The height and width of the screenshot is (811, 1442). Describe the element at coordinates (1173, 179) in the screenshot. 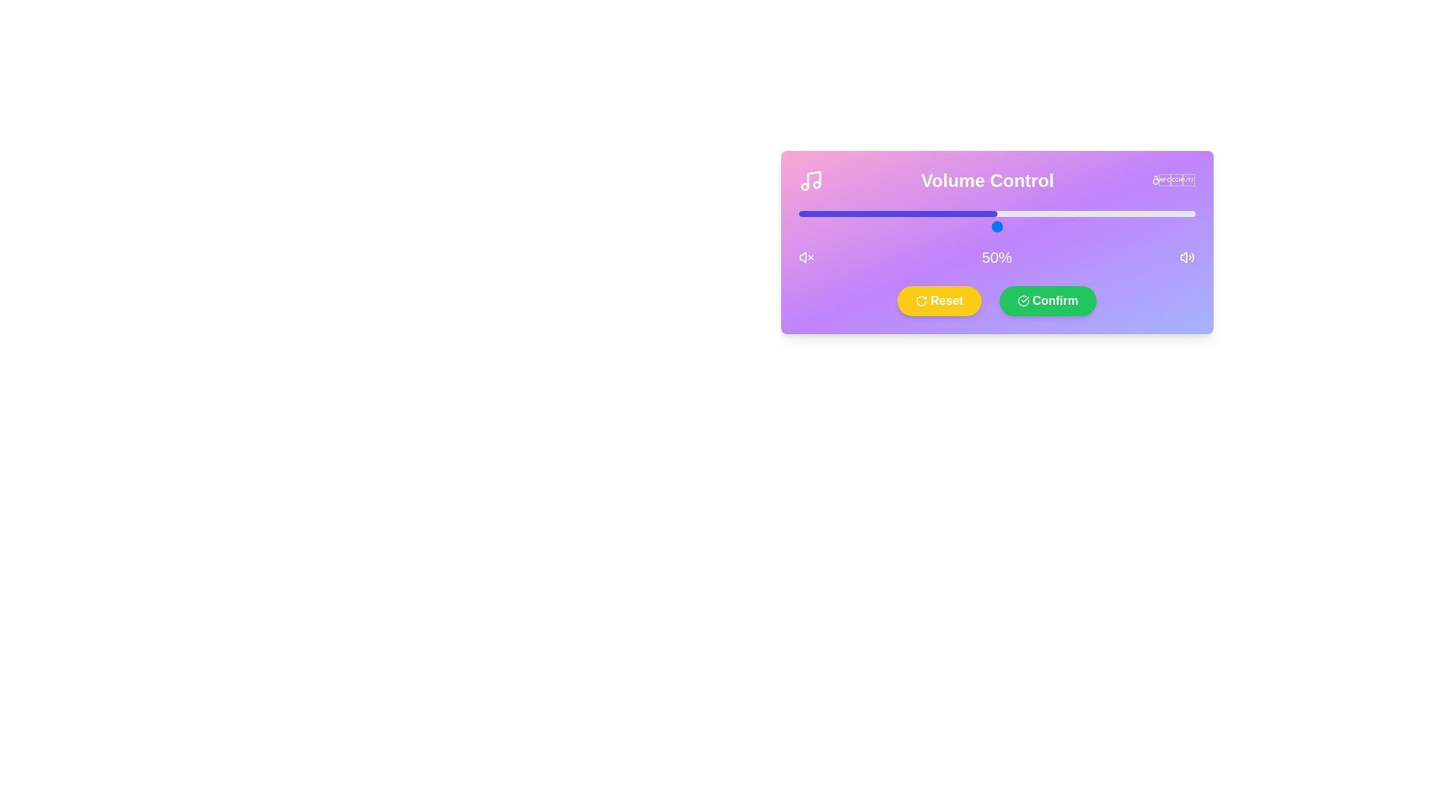

I see `the white sound icon emoji located in the header section of the volume control interface, which is positioned next to the text 'Volume Control'` at that location.